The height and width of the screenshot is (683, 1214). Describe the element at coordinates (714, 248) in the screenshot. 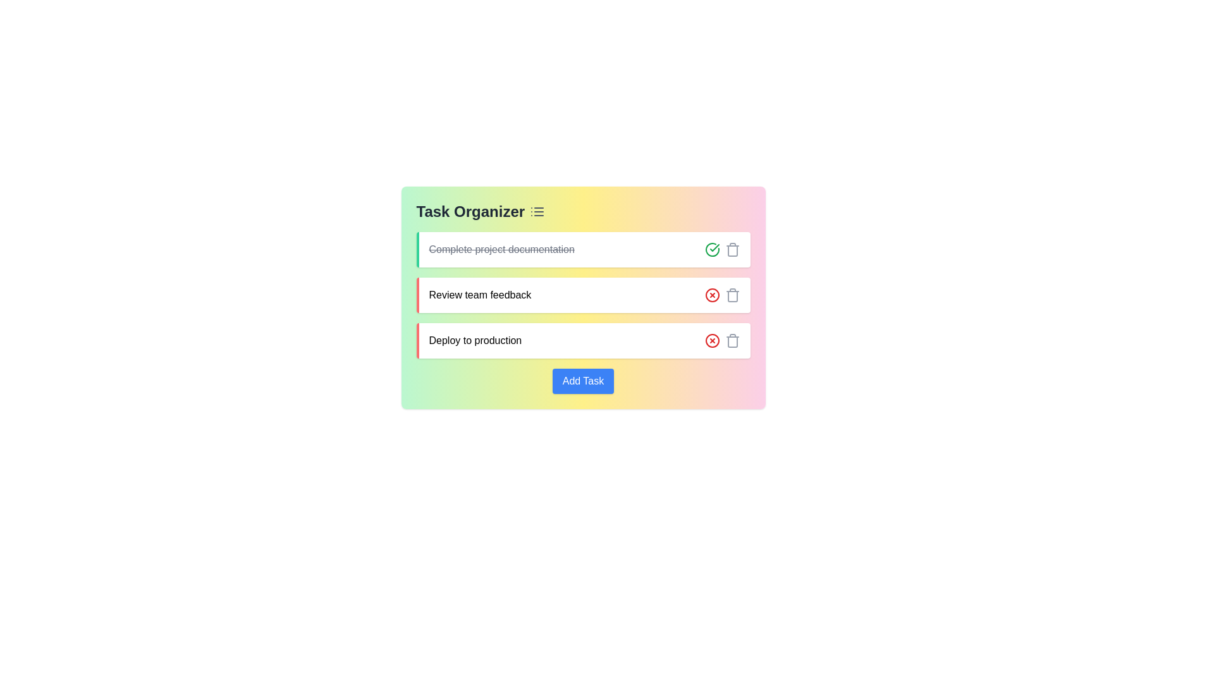

I see `the green checkmark icon enclosed within a circular outline, located at the right end of the first task row adjacent to the text 'Complete project documentation'` at that location.